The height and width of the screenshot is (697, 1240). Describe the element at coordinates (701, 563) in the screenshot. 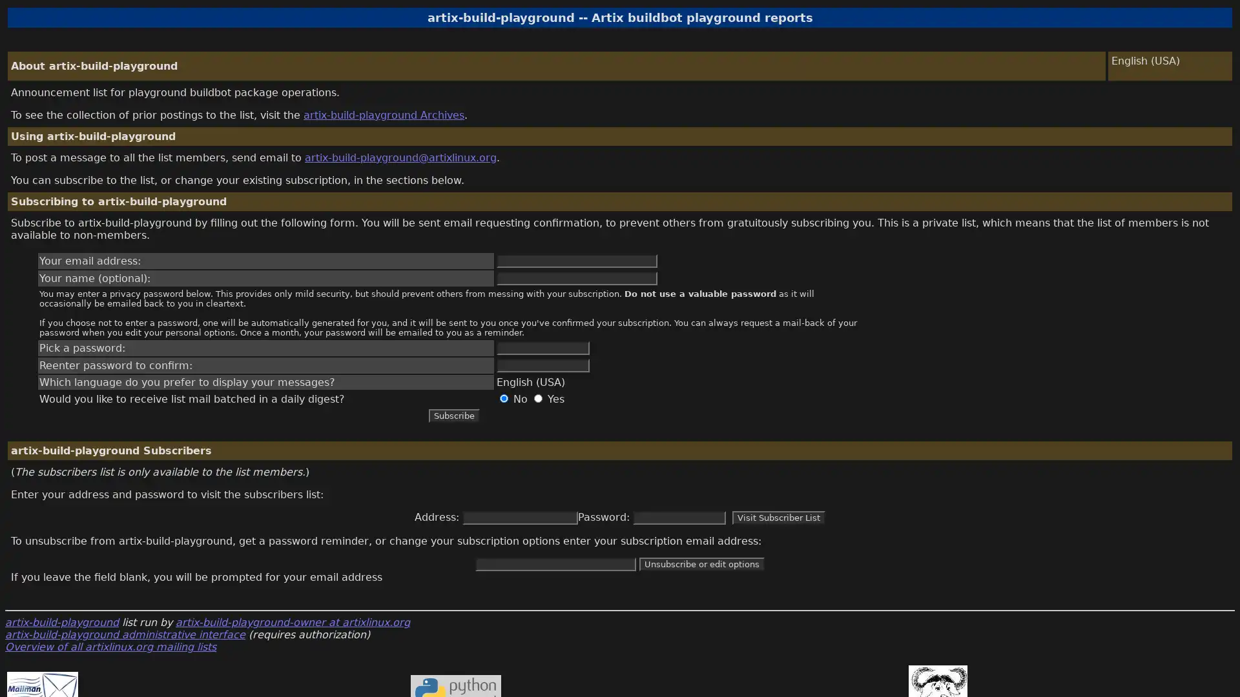

I see `Unsubscribe or edit options` at that location.